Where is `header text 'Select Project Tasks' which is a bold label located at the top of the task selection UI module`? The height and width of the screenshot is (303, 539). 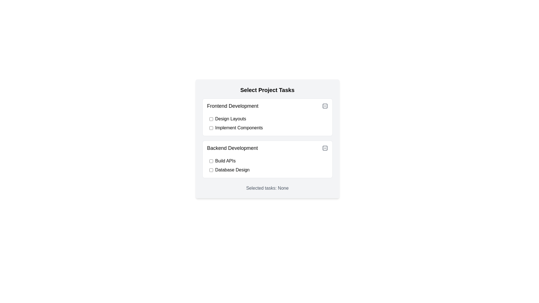
header text 'Select Project Tasks' which is a bold label located at the top of the task selection UI module is located at coordinates (267, 89).